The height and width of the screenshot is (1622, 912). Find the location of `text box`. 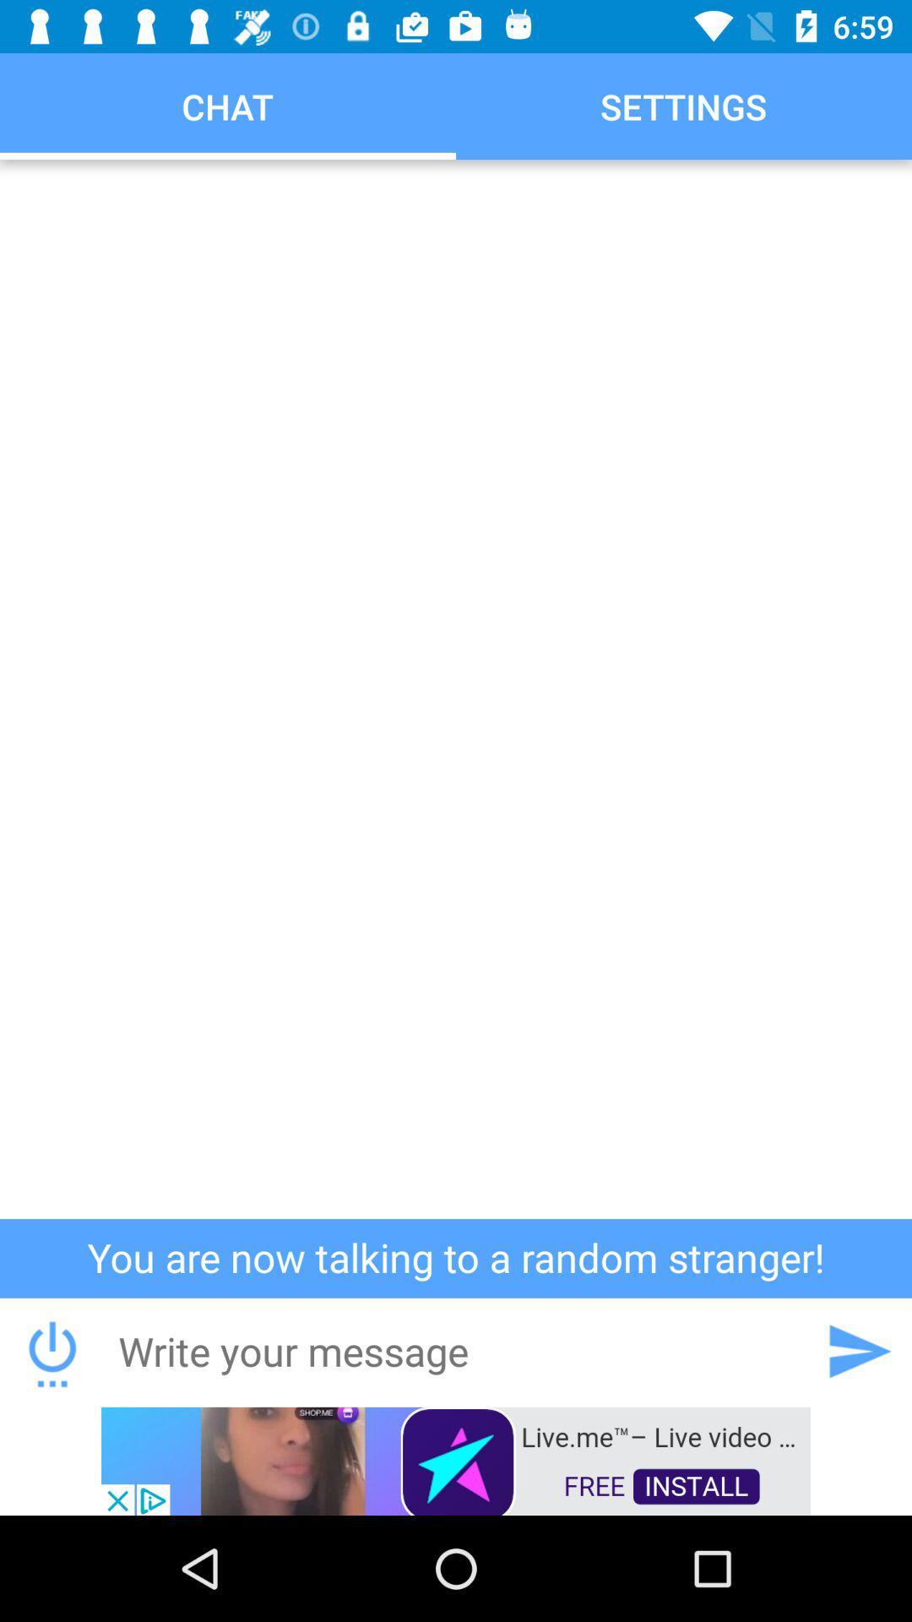

text box is located at coordinates (454, 1350).